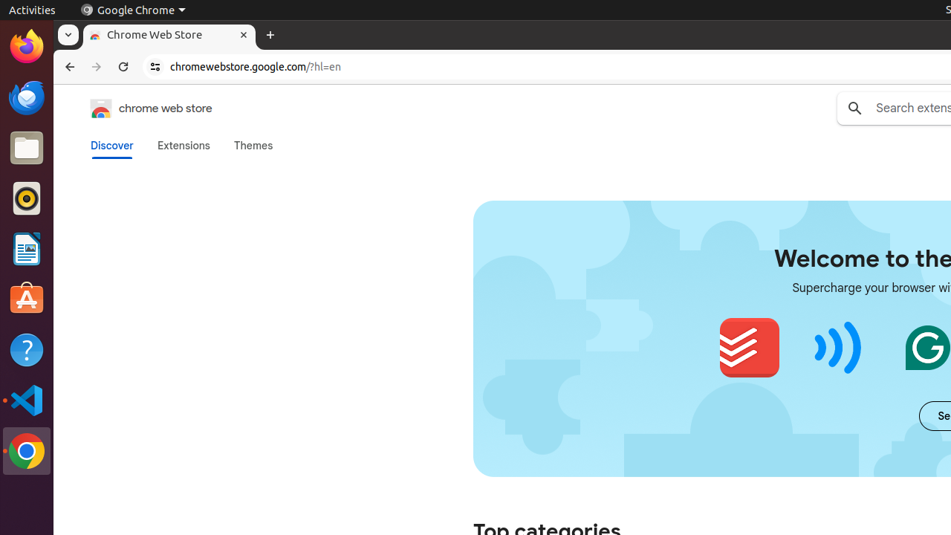  Describe the element at coordinates (253, 145) in the screenshot. I see `'Themes'` at that location.